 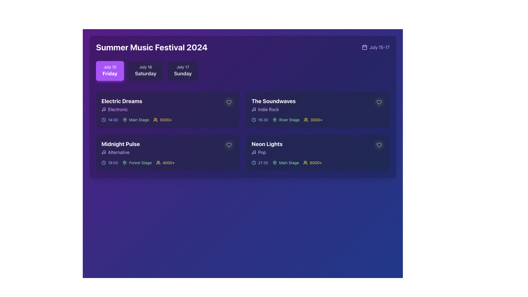 I want to click on the clock-like icon with minimalistic hands indicating time, located under the event title 'The Soundwaves', adjacent to the time '16:30', so click(x=253, y=119).